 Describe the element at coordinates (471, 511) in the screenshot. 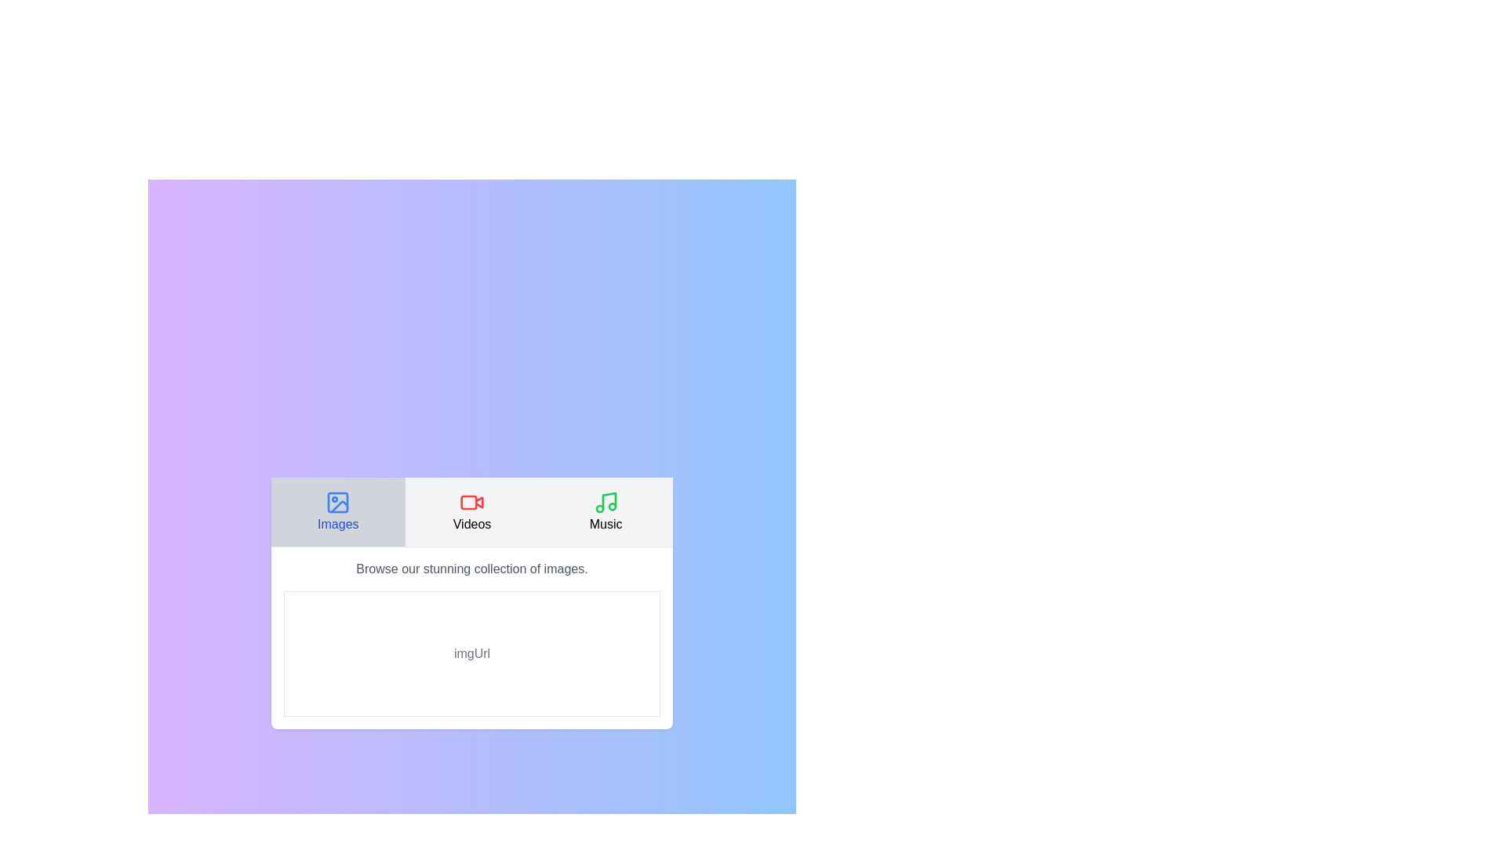

I see `the Videos tab to switch to its content` at that location.